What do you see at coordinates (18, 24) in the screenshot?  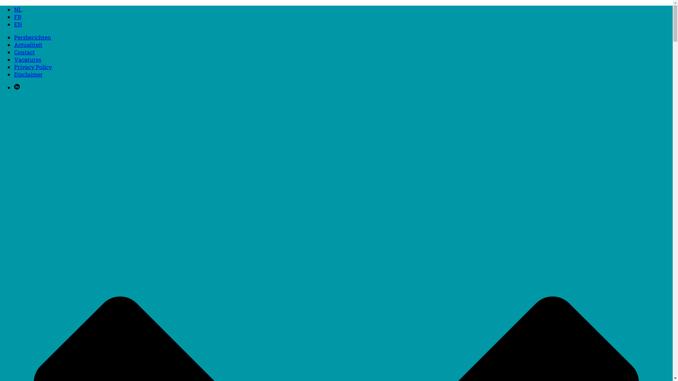 I see `'EN'` at bounding box center [18, 24].